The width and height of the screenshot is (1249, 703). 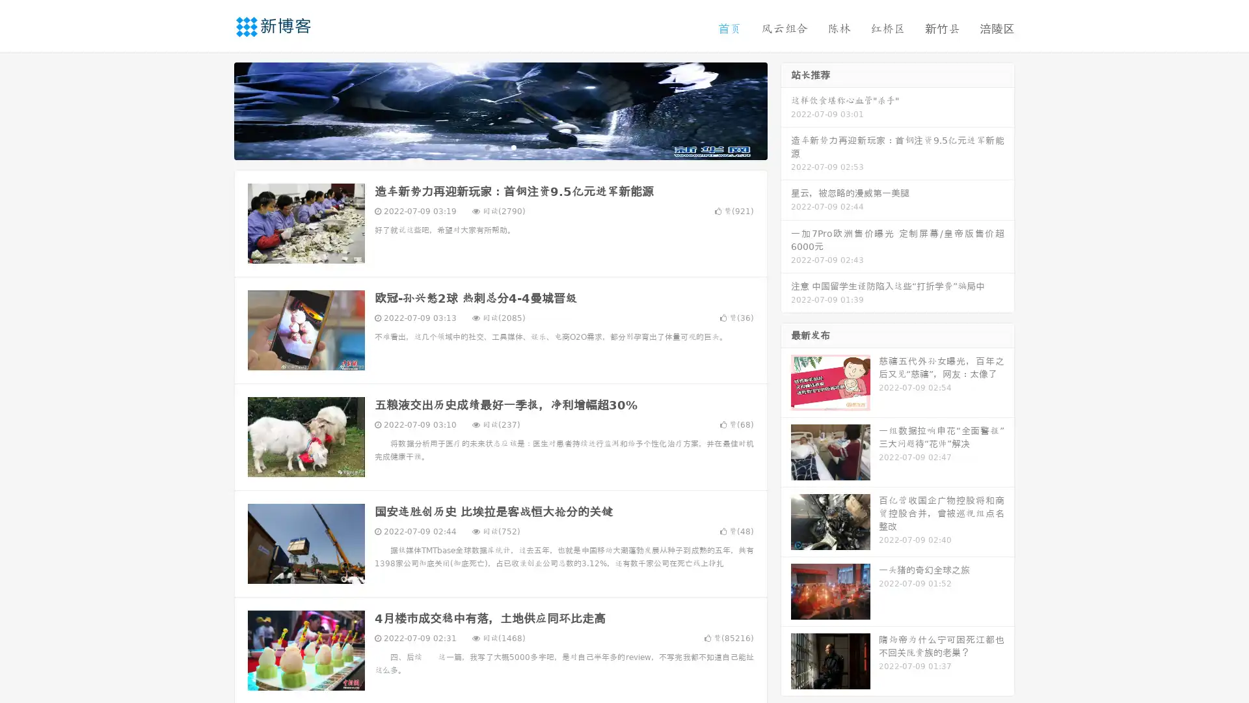 What do you see at coordinates (786, 109) in the screenshot?
I see `Next slide` at bounding box center [786, 109].